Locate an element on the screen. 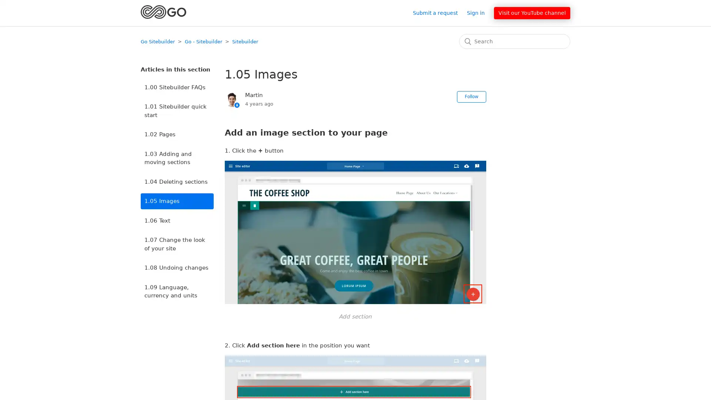 This screenshot has width=711, height=400. Follow is located at coordinates (471, 96).